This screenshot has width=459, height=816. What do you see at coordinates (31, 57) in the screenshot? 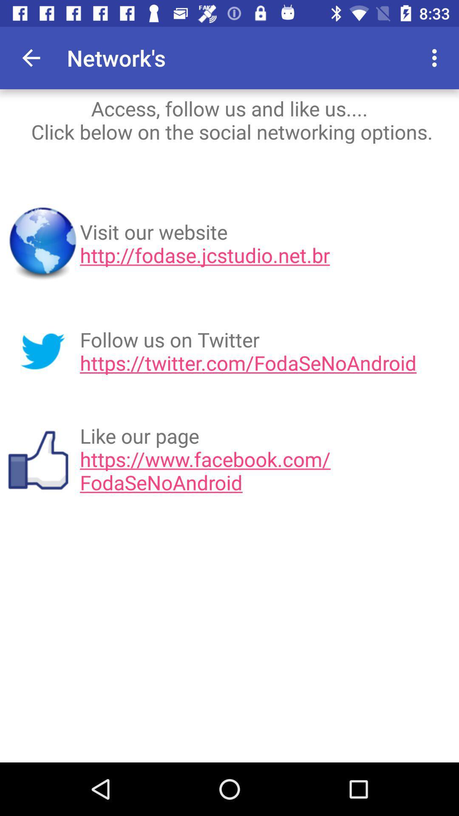
I see `icon to the left of network's` at bounding box center [31, 57].